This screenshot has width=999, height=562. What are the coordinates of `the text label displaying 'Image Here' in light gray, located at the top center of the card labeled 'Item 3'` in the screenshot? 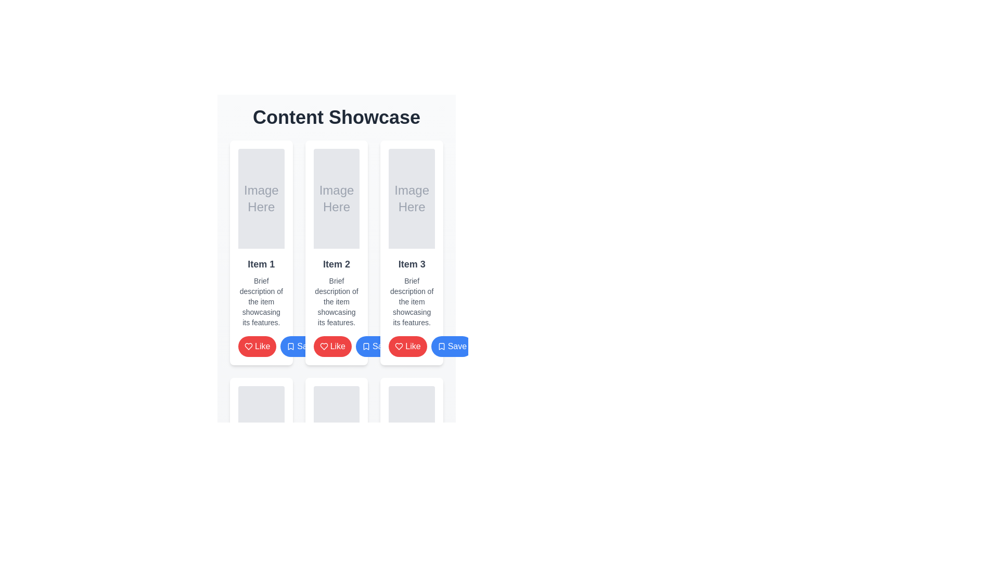 It's located at (411, 198).